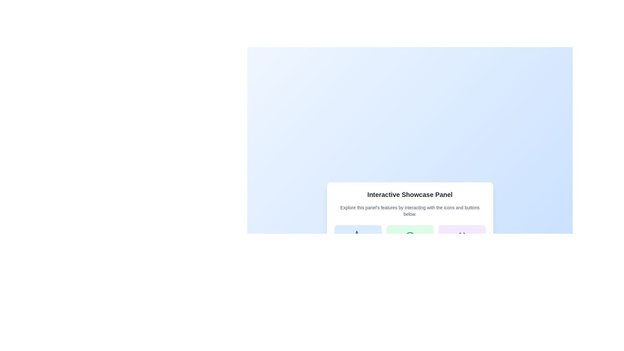 This screenshot has height=351, width=624. Describe the element at coordinates (409, 236) in the screenshot. I see `the visibility icon at the top of the green card labeled 'Feature B', which is centered above the text label 'Feature B'` at that location.